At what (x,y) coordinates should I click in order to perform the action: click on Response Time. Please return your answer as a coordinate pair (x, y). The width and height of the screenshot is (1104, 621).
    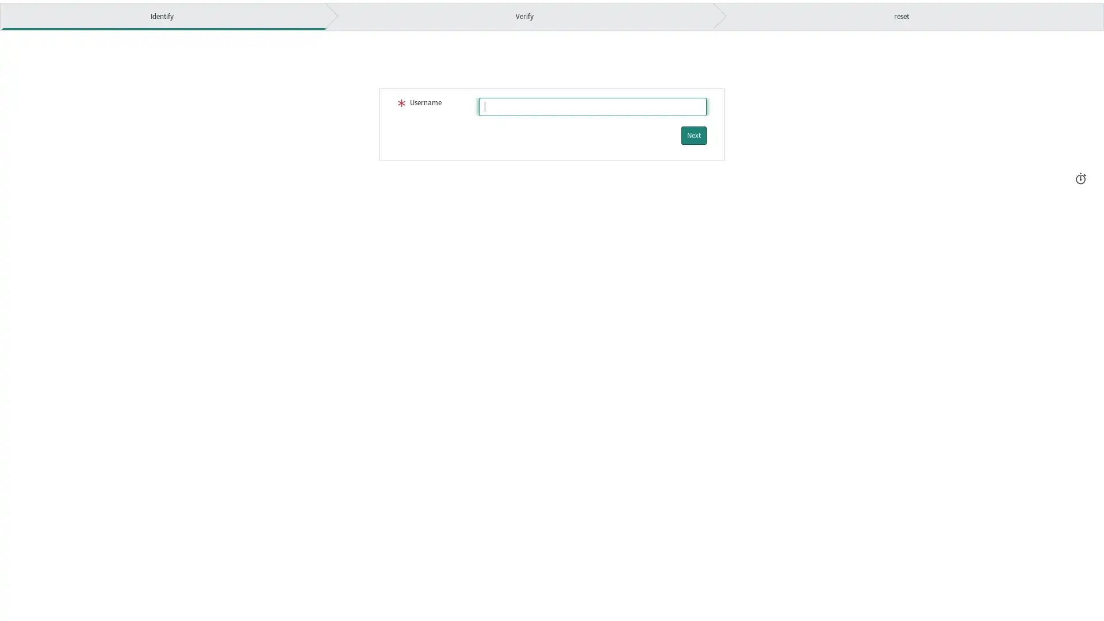
    Looking at the image, I should click on (1080, 177).